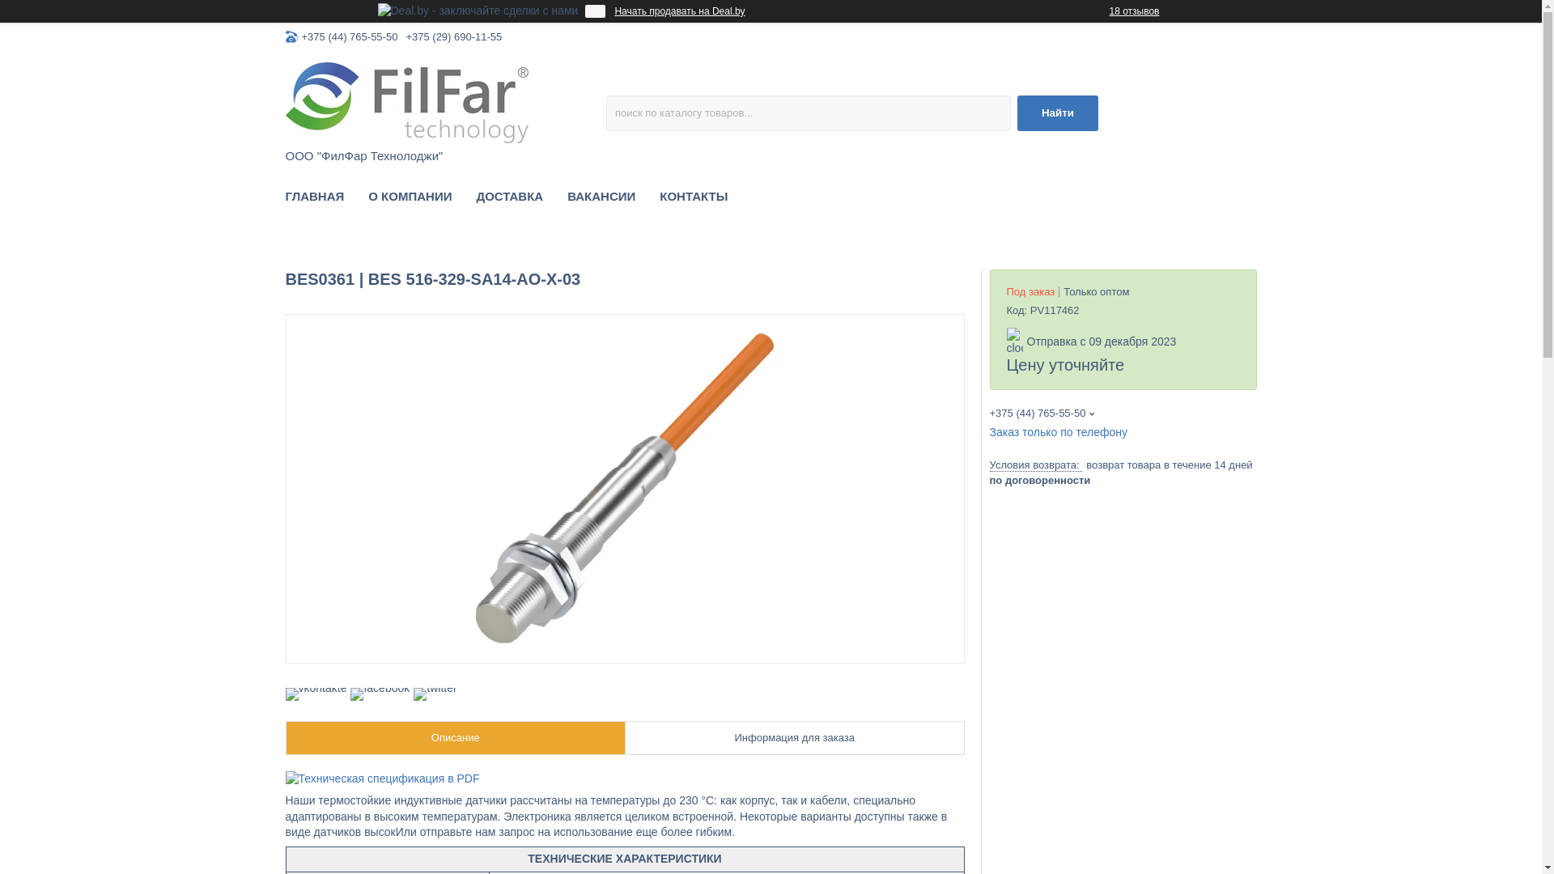  I want to click on 'twitter', so click(435, 687).